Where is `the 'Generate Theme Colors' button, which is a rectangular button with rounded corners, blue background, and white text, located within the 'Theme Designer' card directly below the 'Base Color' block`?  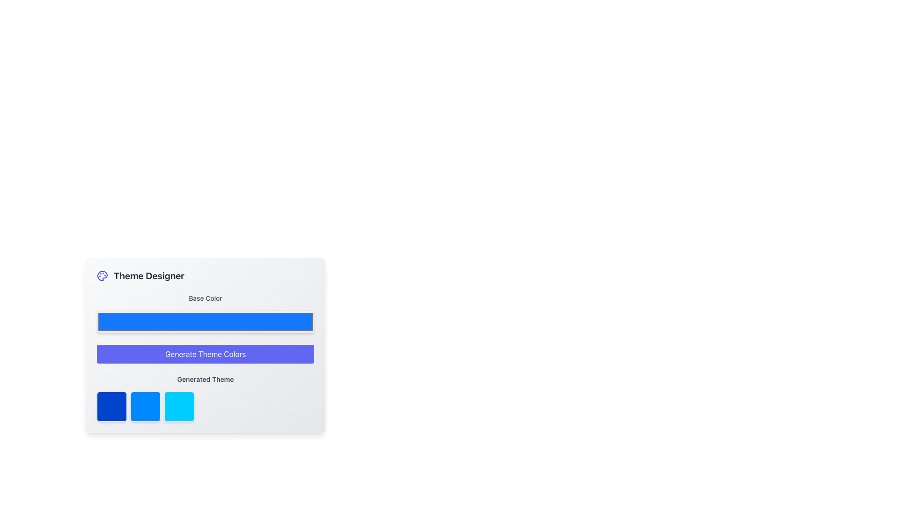 the 'Generate Theme Colors' button, which is a rectangular button with rounded corners, blue background, and white text, located within the 'Theme Designer' card directly below the 'Base Color' block is located at coordinates (205, 354).